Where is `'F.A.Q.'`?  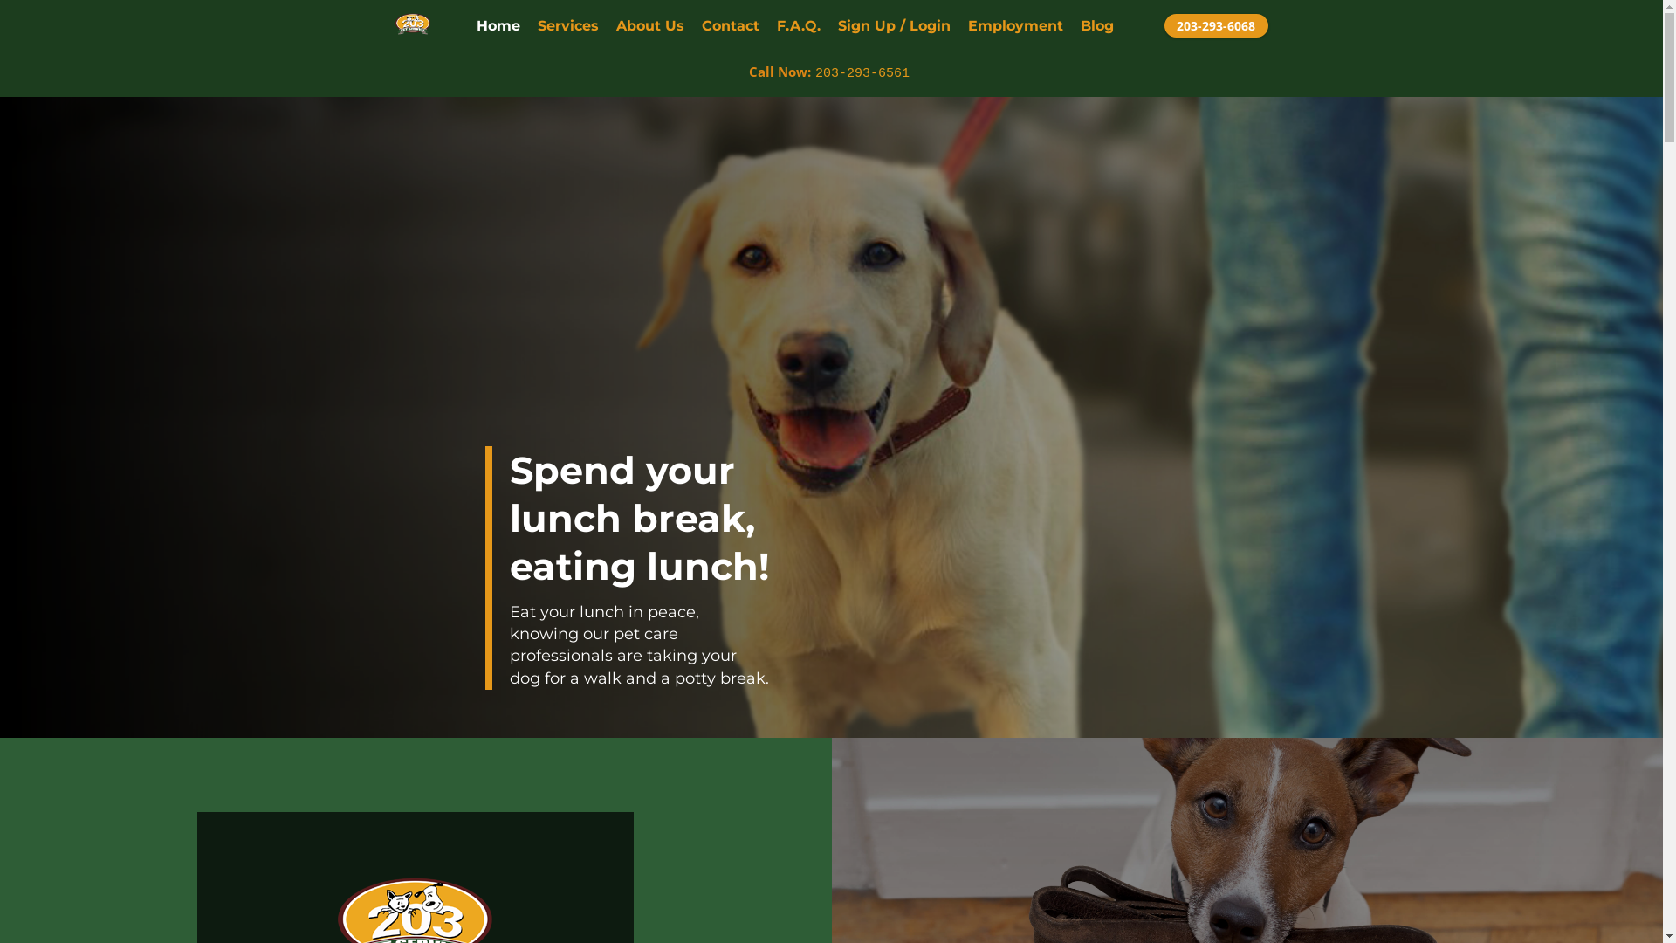 'F.A.Q.' is located at coordinates (775, 26).